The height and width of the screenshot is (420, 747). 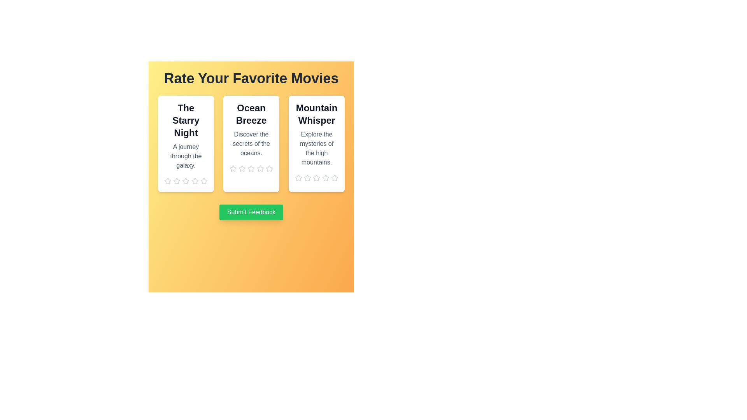 What do you see at coordinates (167, 181) in the screenshot?
I see `the star corresponding to 1 stars to preview the rating` at bounding box center [167, 181].